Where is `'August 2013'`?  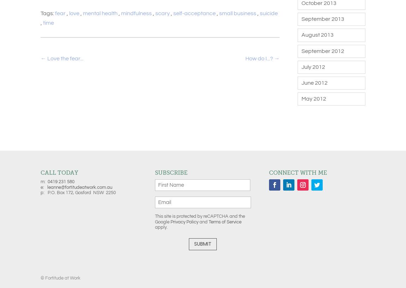
'August 2013' is located at coordinates (317, 34).